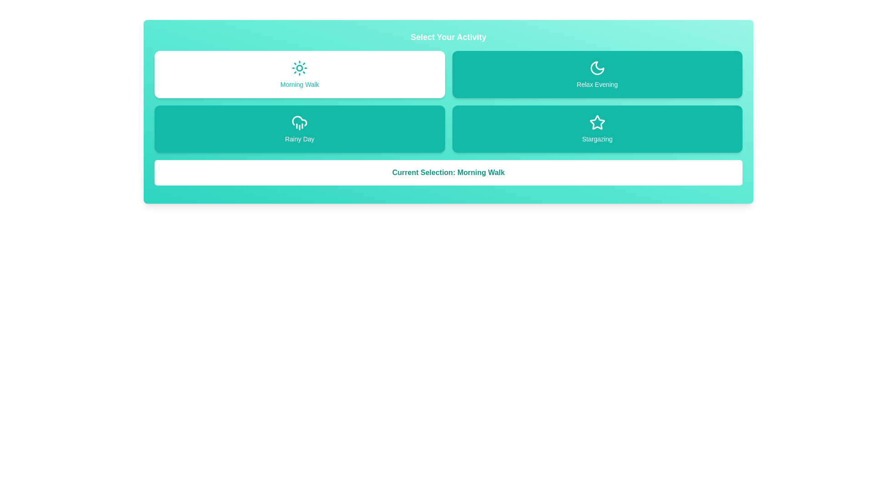 The width and height of the screenshot is (873, 491). What do you see at coordinates (300, 129) in the screenshot?
I see `the activity Rainy Day by clicking on its button` at bounding box center [300, 129].